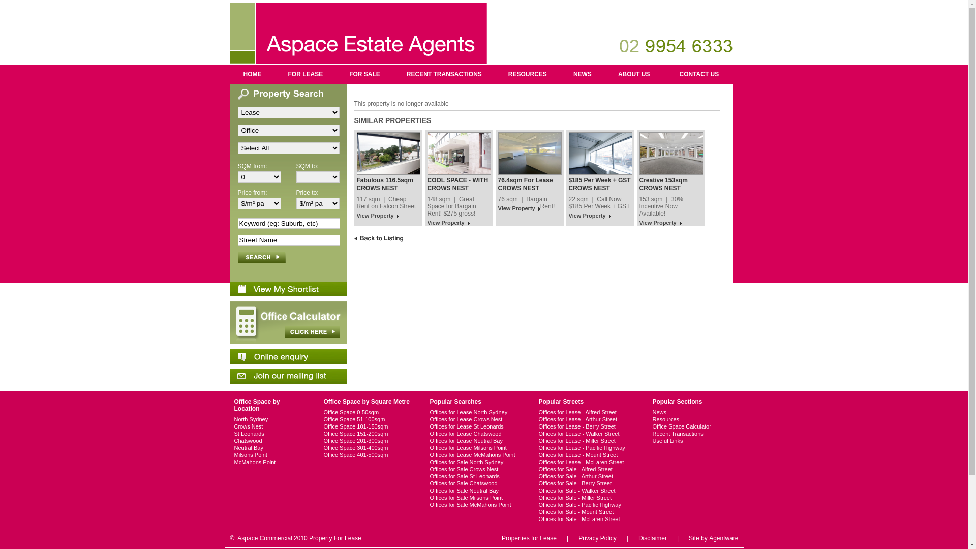  I want to click on 'Offices for Lease - Walker Street', so click(587, 433).